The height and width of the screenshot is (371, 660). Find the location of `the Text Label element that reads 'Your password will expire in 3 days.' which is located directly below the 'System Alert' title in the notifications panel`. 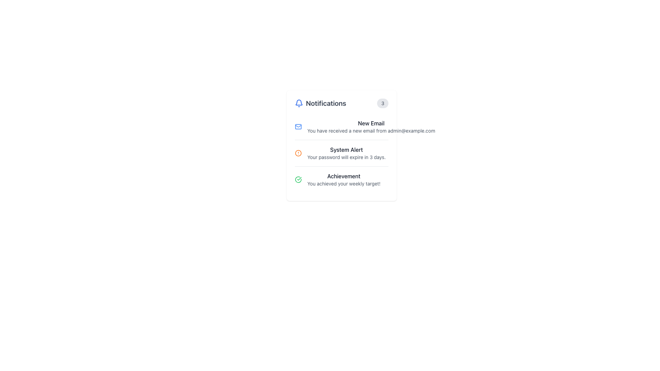

the Text Label element that reads 'Your password will expire in 3 days.' which is located directly below the 'System Alert' title in the notifications panel is located at coordinates (346, 157).